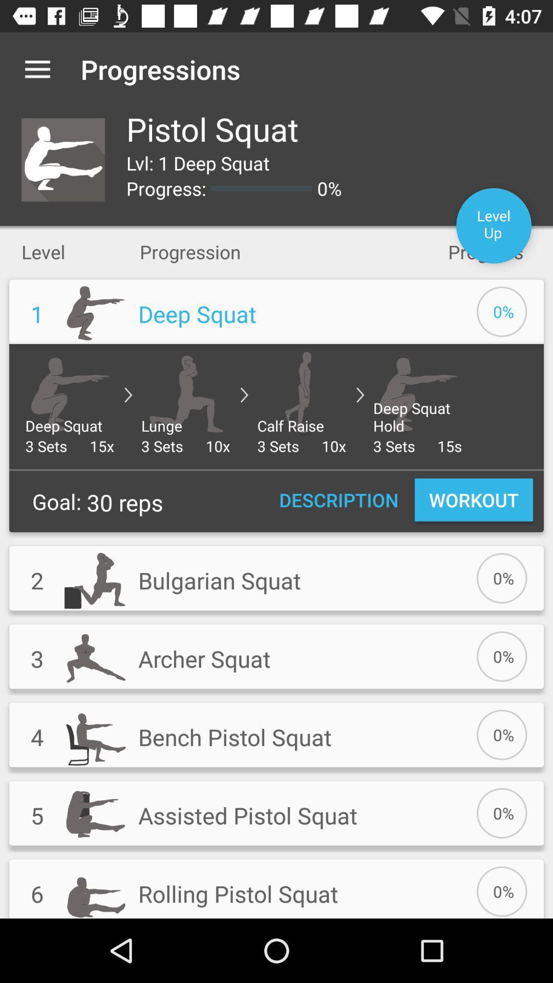  What do you see at coordinates (37, 69) in the screenshot?
I see `app to the left of the progressions app` at bounding box center [37, 69].